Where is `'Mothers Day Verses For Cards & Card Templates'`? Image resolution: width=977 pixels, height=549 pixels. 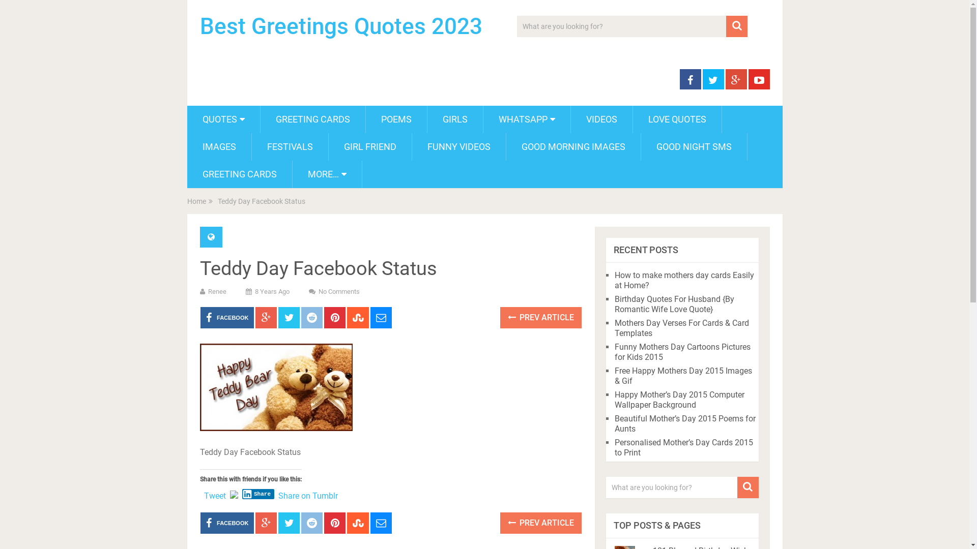 'Mothers Day Verses For Cards & Card Templates' is located at coordinates (614, 328).